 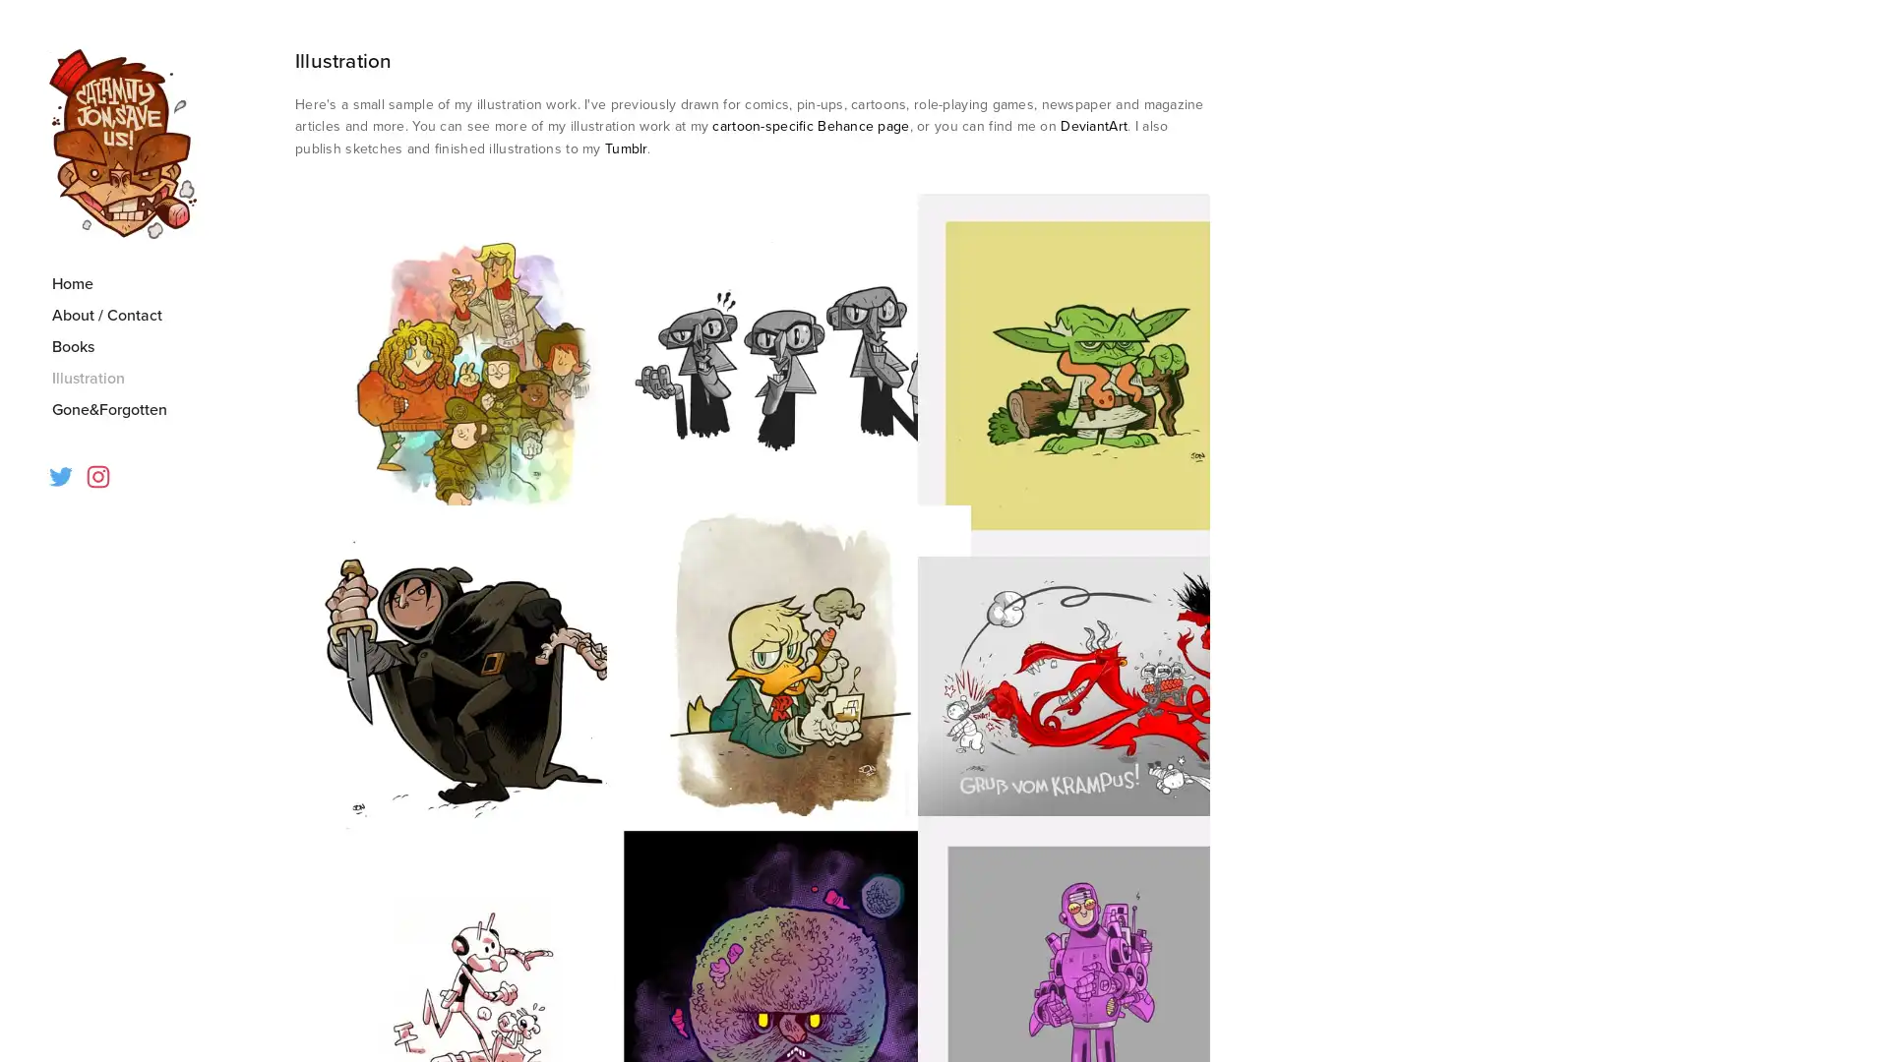 What do you see at coordinates (439, 337) in the screenshot?
I see `View fullsize illos01.jpg` at bounding box center [439, 337].